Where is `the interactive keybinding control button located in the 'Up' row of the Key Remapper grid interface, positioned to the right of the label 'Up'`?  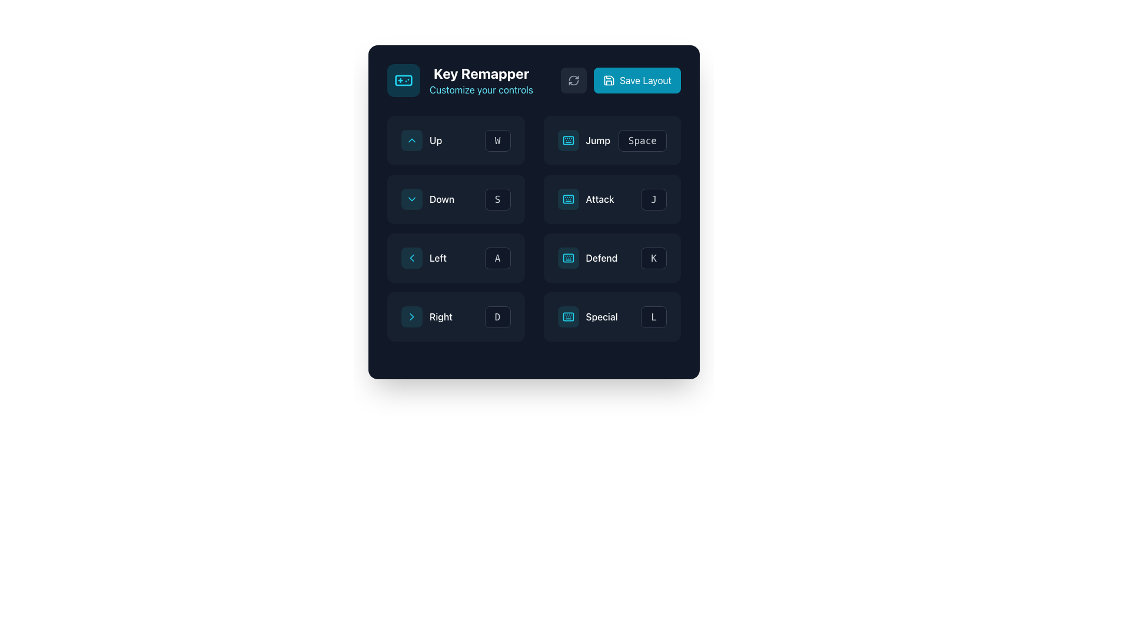 the interactive keybinding control button located in the 'Up' row of the Key Remapper grid interface, positioned to the right of the label 'Up' is located at coordinates (497, 140).